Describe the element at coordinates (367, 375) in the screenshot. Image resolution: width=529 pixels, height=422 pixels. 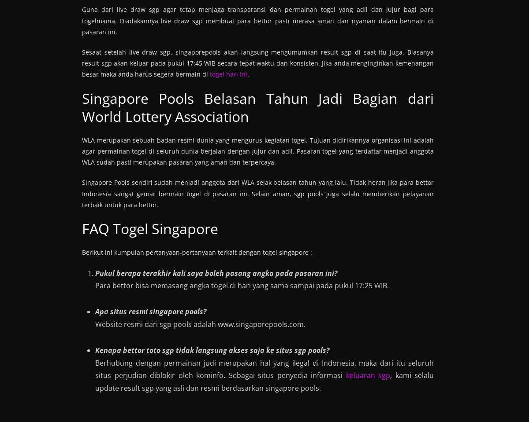
I see `'keluaran sgp'` at that location.